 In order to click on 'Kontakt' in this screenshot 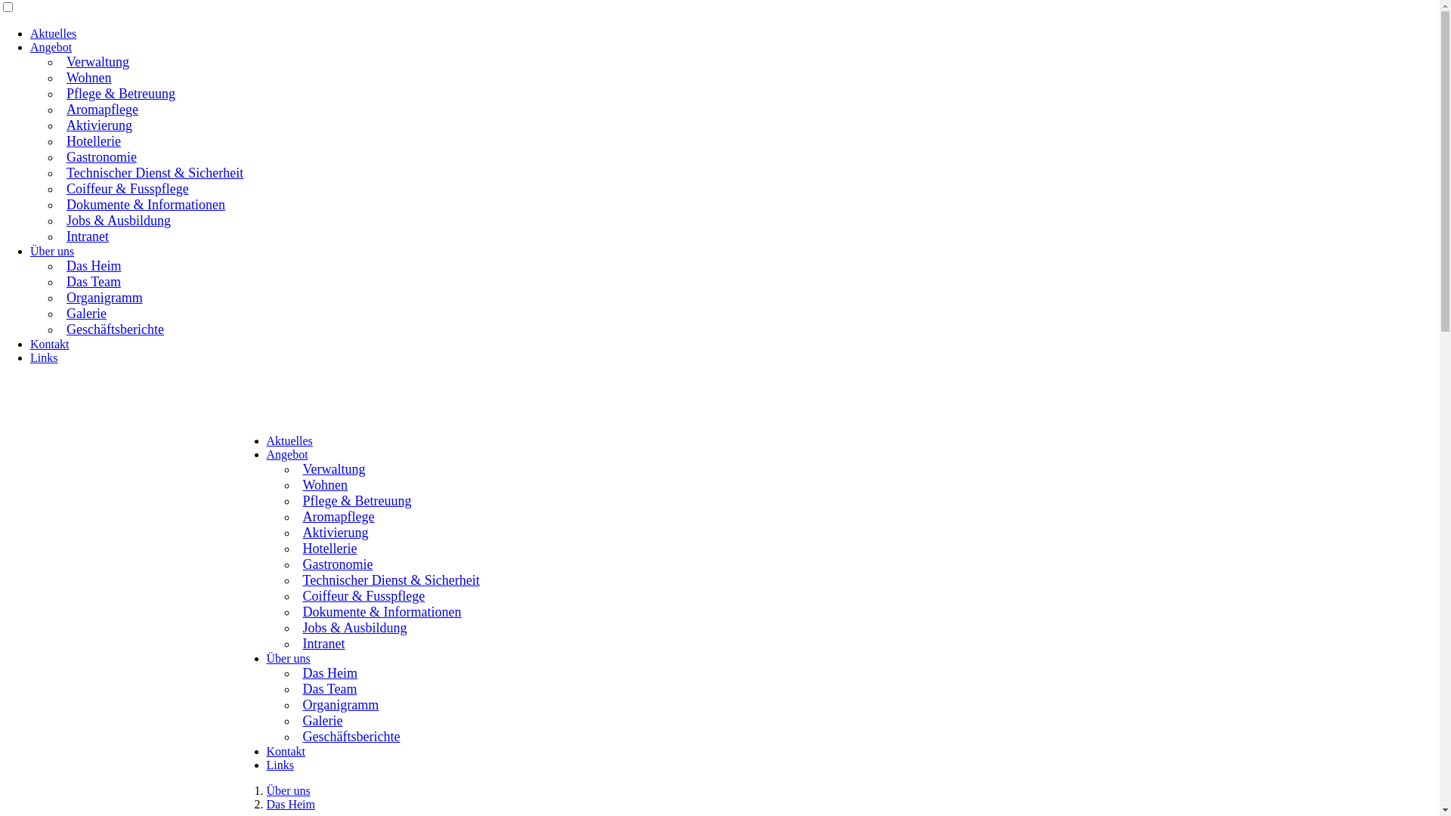, I will do `click(286, 751)`.